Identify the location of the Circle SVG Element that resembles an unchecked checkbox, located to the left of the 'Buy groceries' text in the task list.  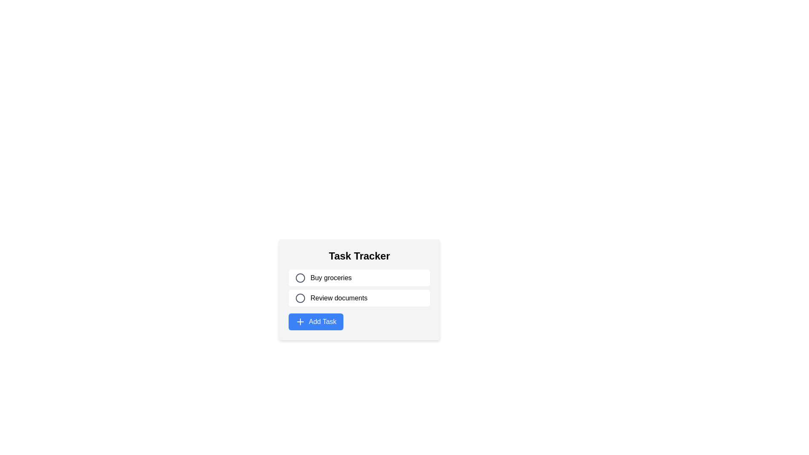
(300, 278).